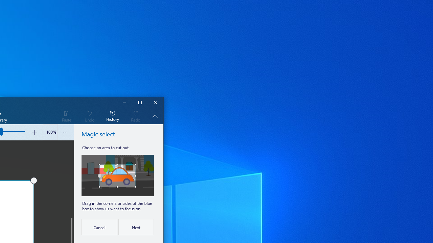  I want to click on 'History', so click(113, 115).